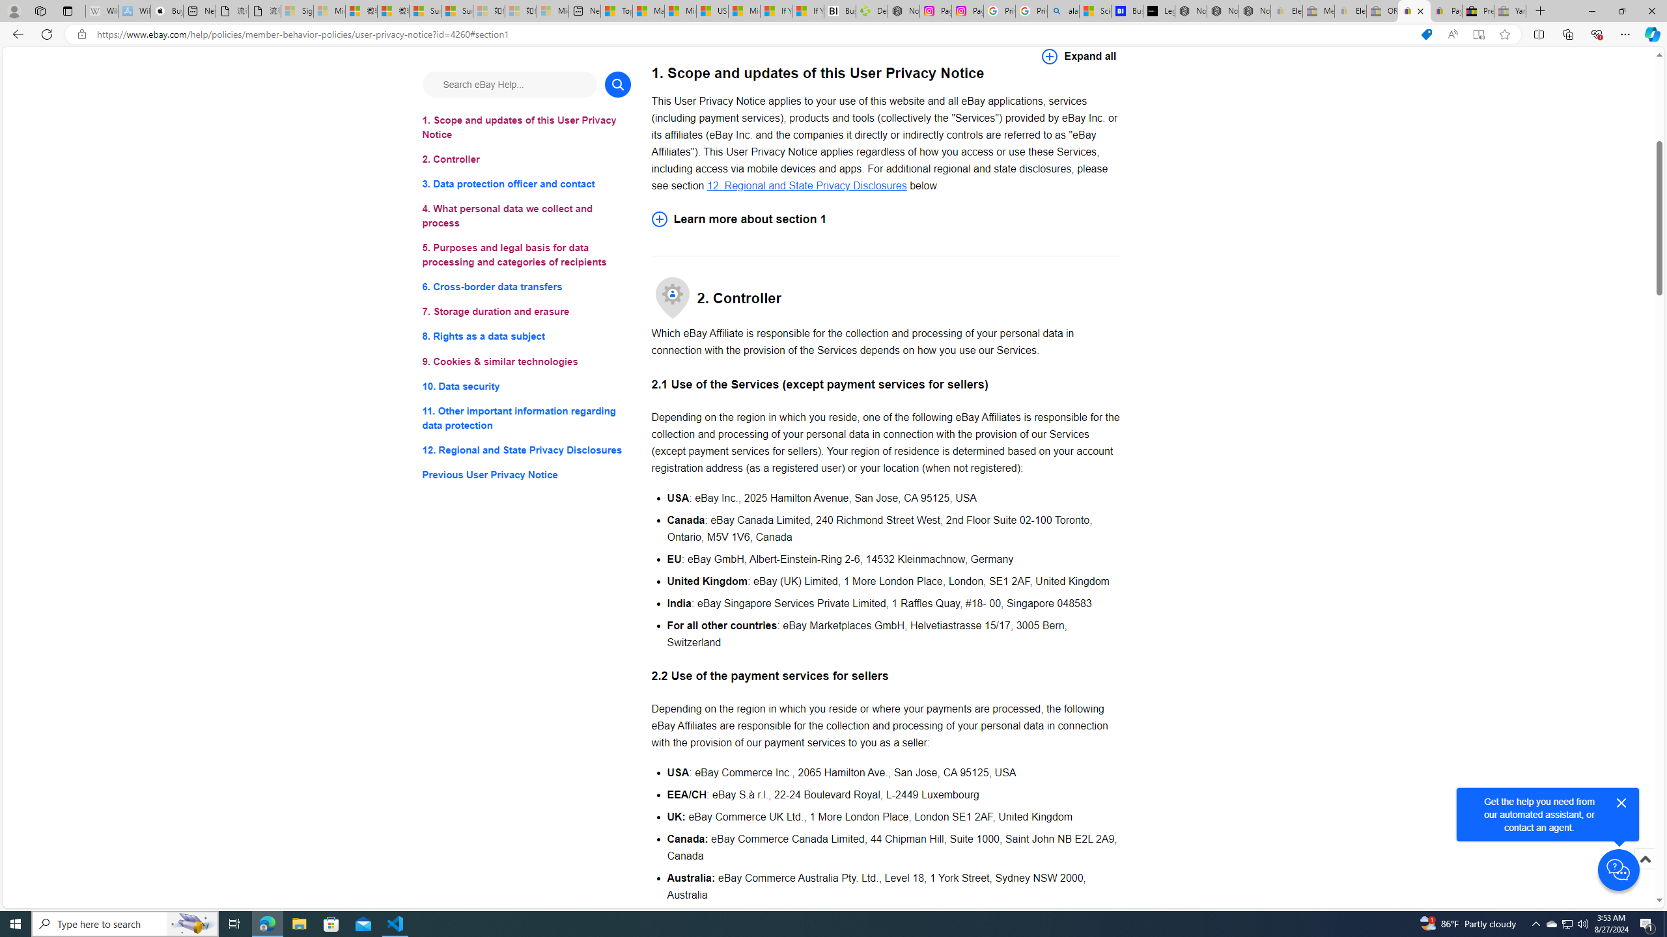  Describe the element at coordinates (525, 311) in the screenshot. I see `'7. Storage duration and erasure'` at that location.